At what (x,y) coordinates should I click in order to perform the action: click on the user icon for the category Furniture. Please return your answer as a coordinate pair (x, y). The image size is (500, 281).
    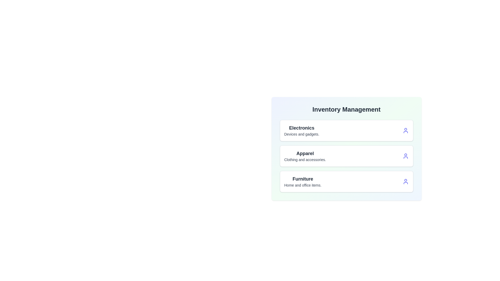
    Looking at the image, I should click on (405, 181).